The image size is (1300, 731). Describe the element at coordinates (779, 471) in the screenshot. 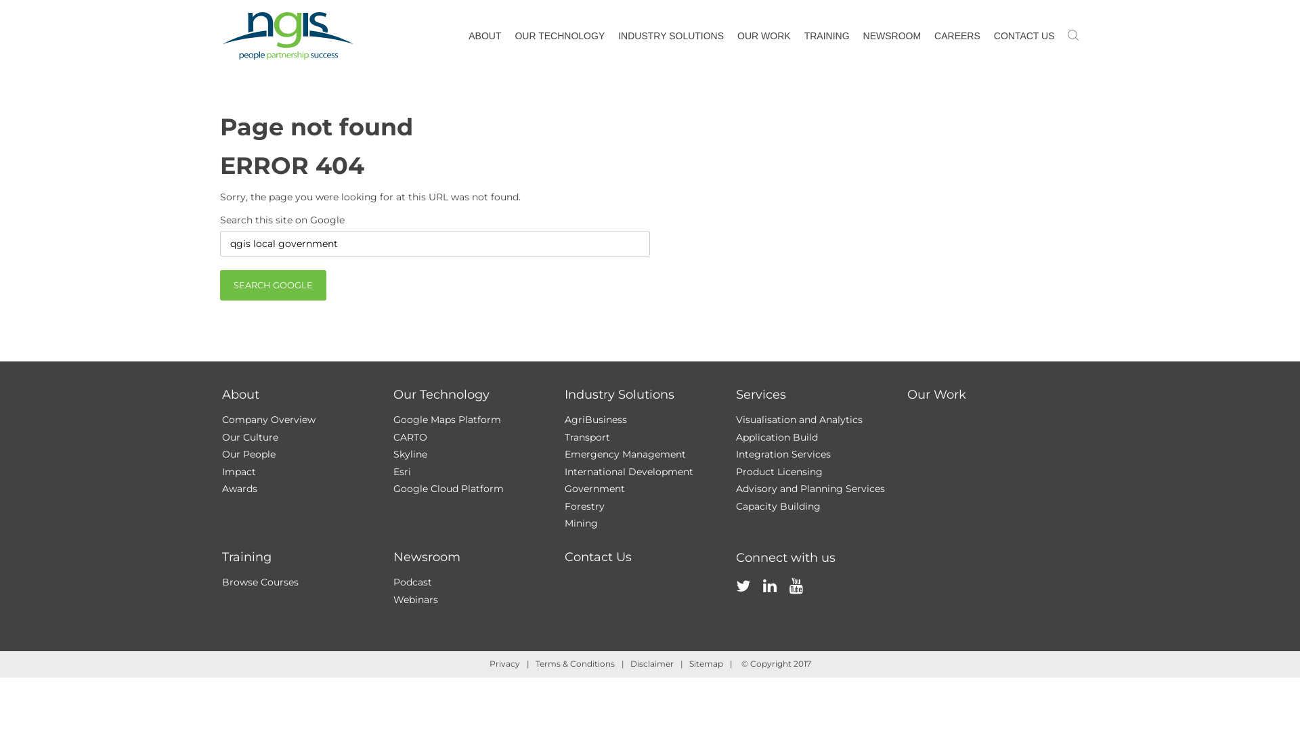

I see `'Product Licensing'` at that location.